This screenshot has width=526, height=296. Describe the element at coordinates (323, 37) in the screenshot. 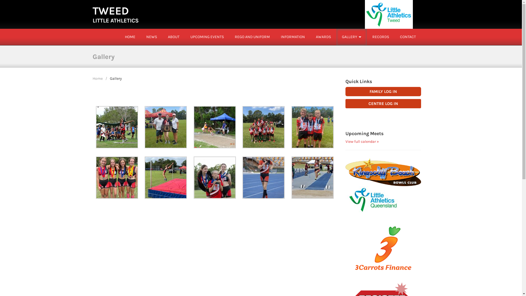

I see `'AWARDS'` at that location.